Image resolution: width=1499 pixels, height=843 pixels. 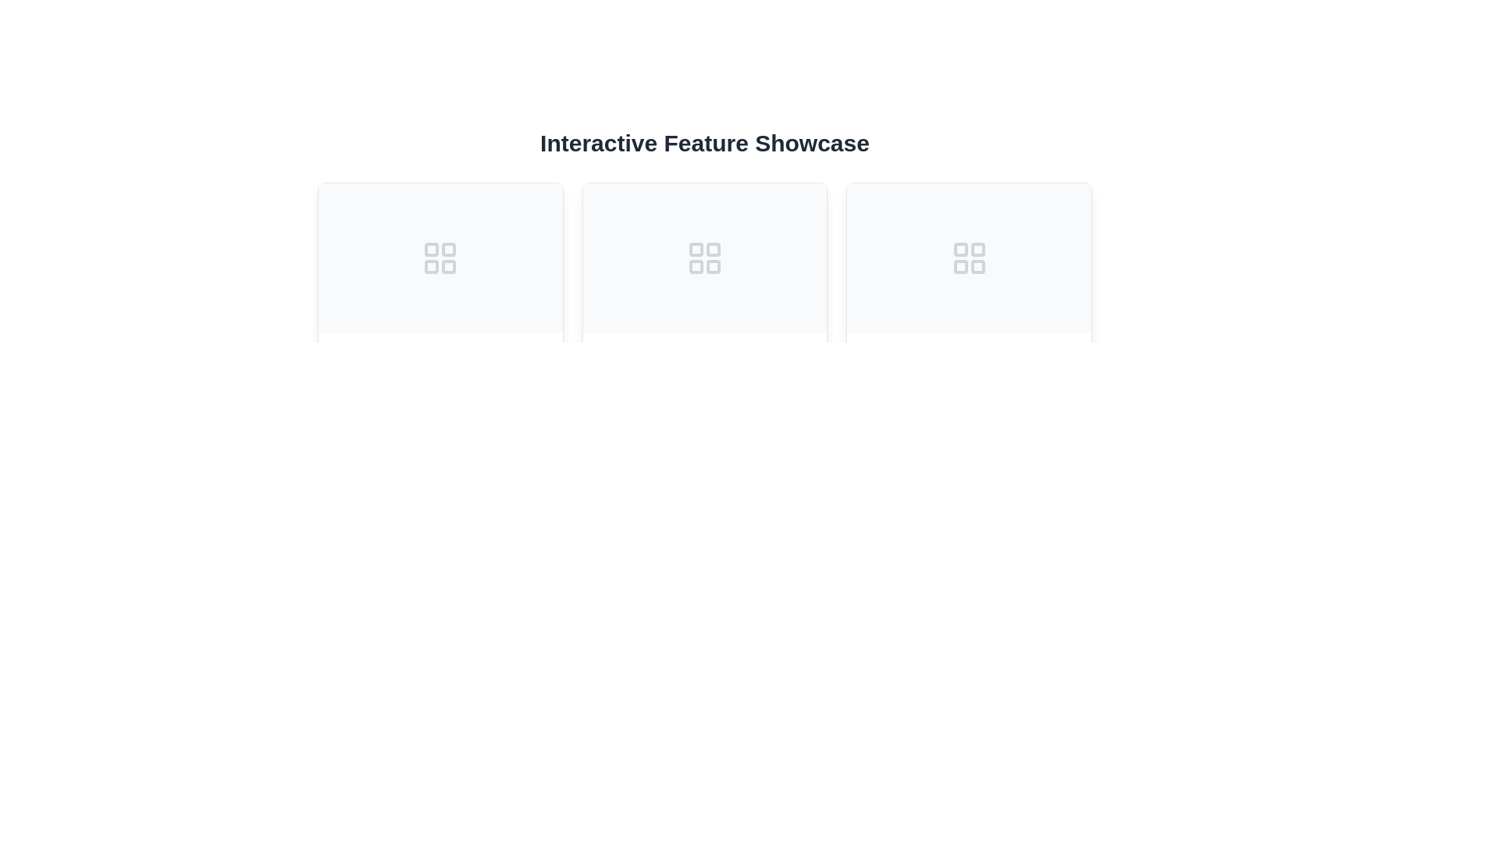 I want to click on the top-left square of the grid-style icon, which serves as a decorative element within the icon layout, so click(x=432, y=249).